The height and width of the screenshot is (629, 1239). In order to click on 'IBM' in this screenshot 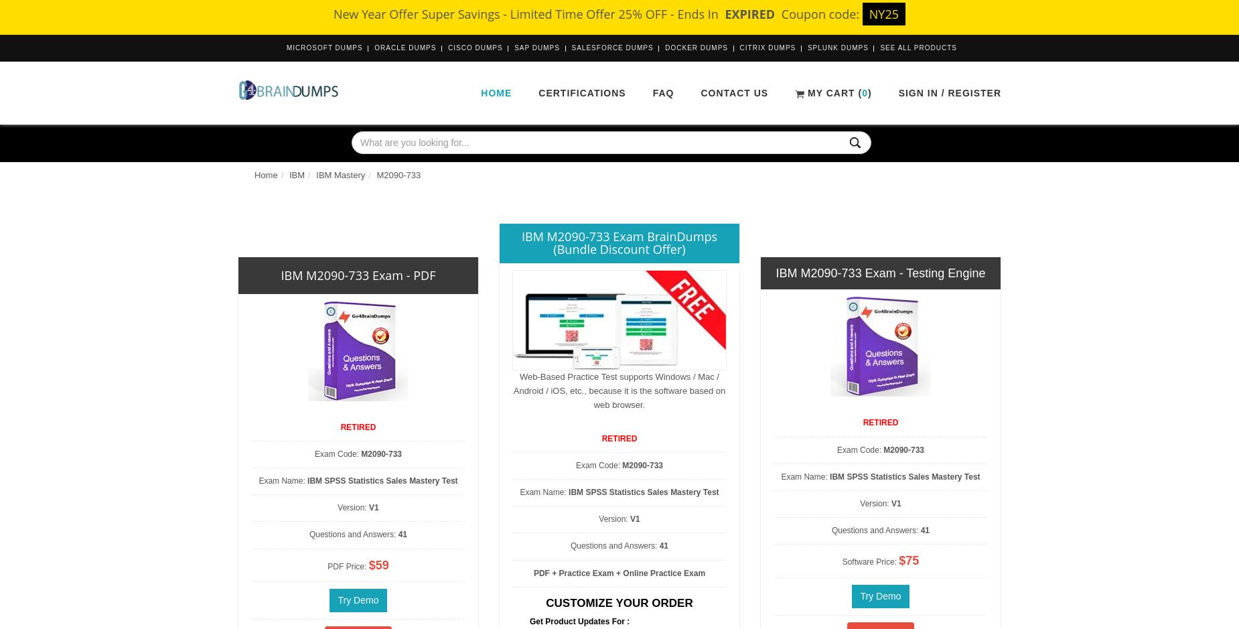, I will do `click(296, 173)`.